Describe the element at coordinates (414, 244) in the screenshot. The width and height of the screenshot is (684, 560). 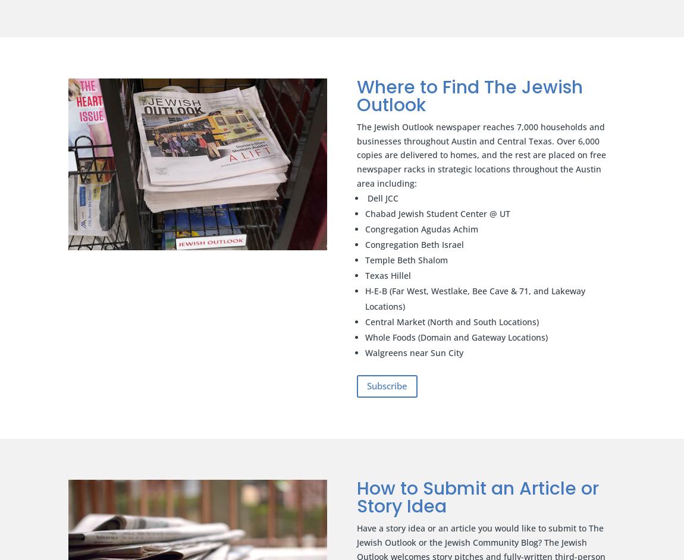
I see `'Congregation Beth Israel'` at that location.